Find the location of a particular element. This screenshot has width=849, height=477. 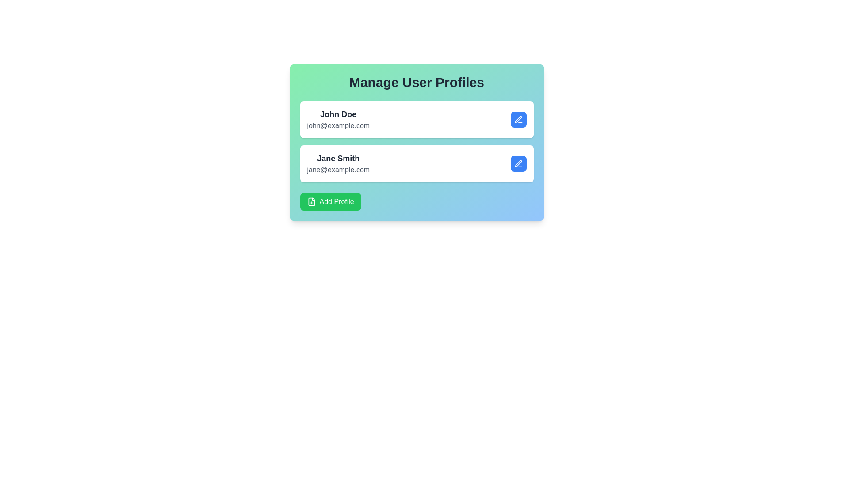

the static text displaying the email 'john@example.com', which is located below the name 'John Doe' in the user profile block under 'Manage User Profiles' is located at coordinates (338, 126).